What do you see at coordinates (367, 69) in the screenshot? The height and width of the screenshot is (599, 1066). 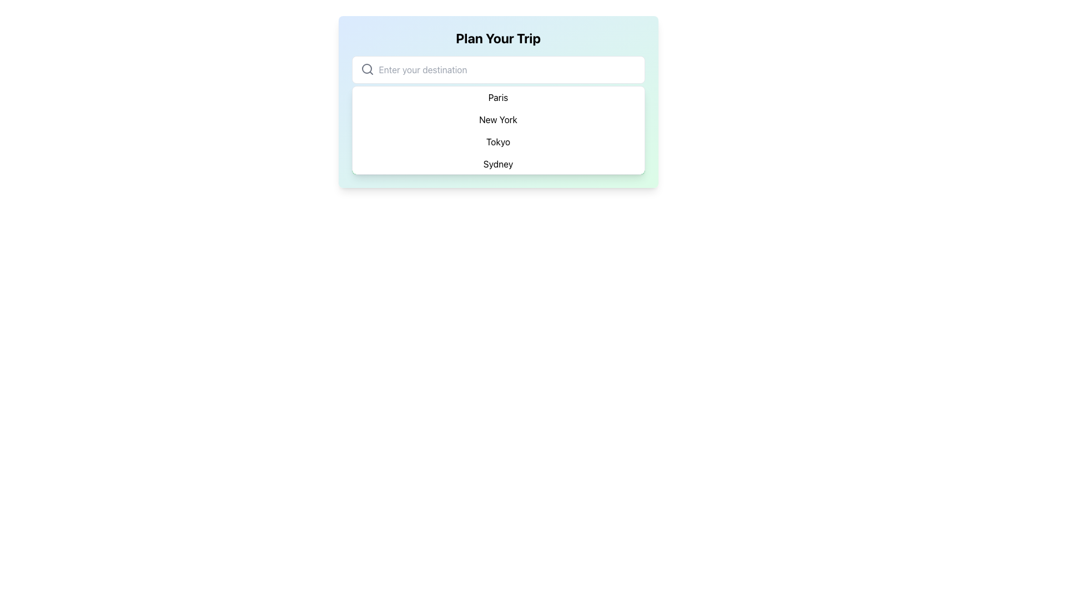 I see `the input field associated with the gray magnifying glass icon located on the far left side of the input field in the 'Plan Your Trip' section` at bounding box center [367, 69].